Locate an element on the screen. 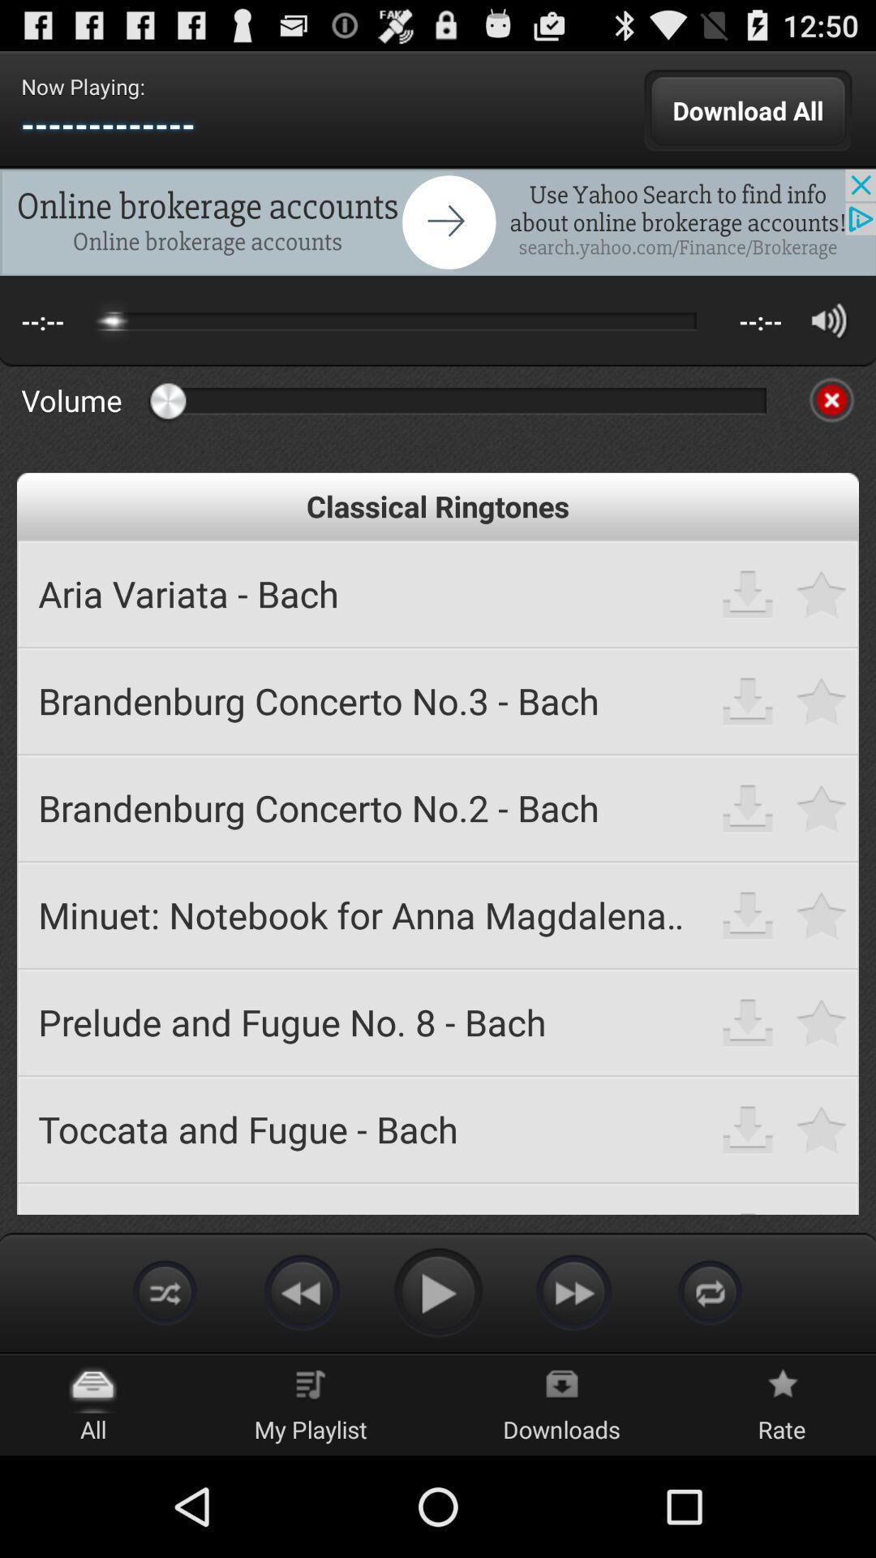  previous song is located at coordinates (301, 1291).